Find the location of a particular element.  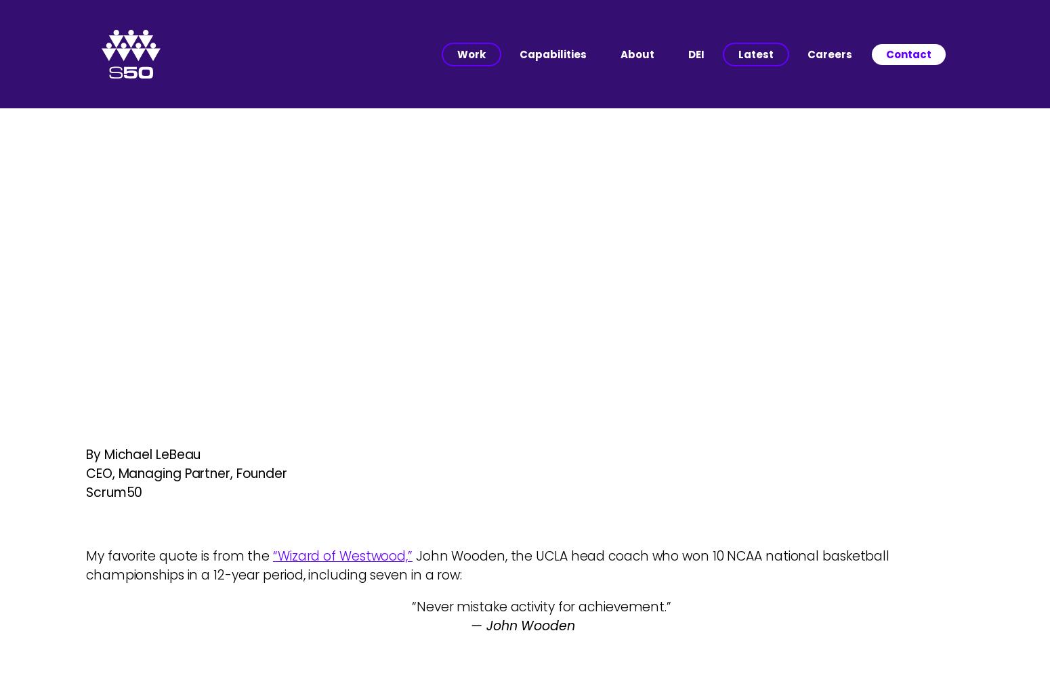

'Work' is located at coordinates (470, 53).